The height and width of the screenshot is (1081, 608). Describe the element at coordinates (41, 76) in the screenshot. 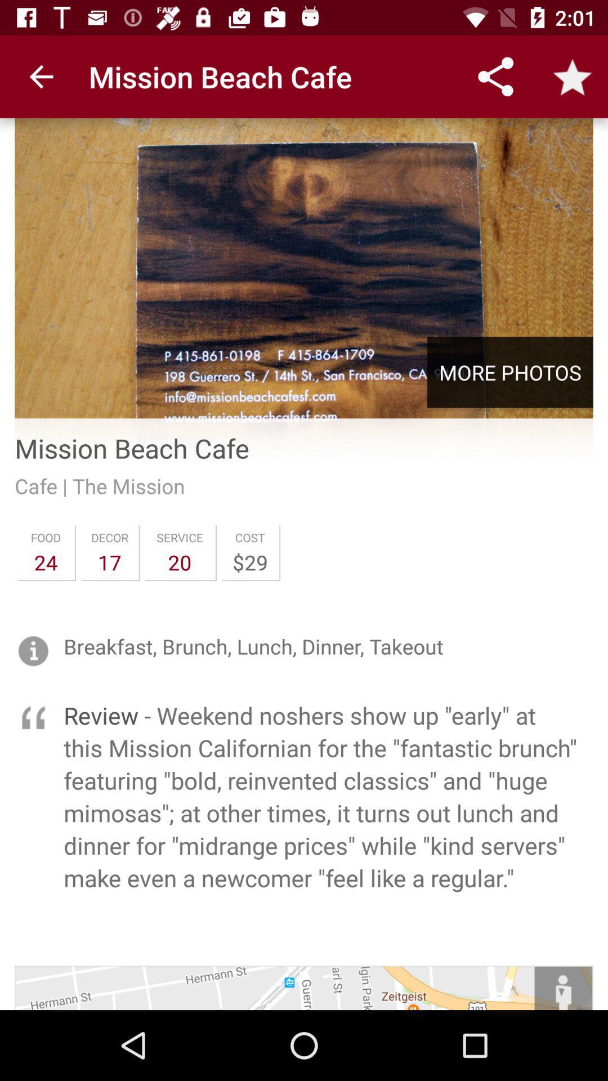

I see `the item next to the mission beach cafe app` at that location.